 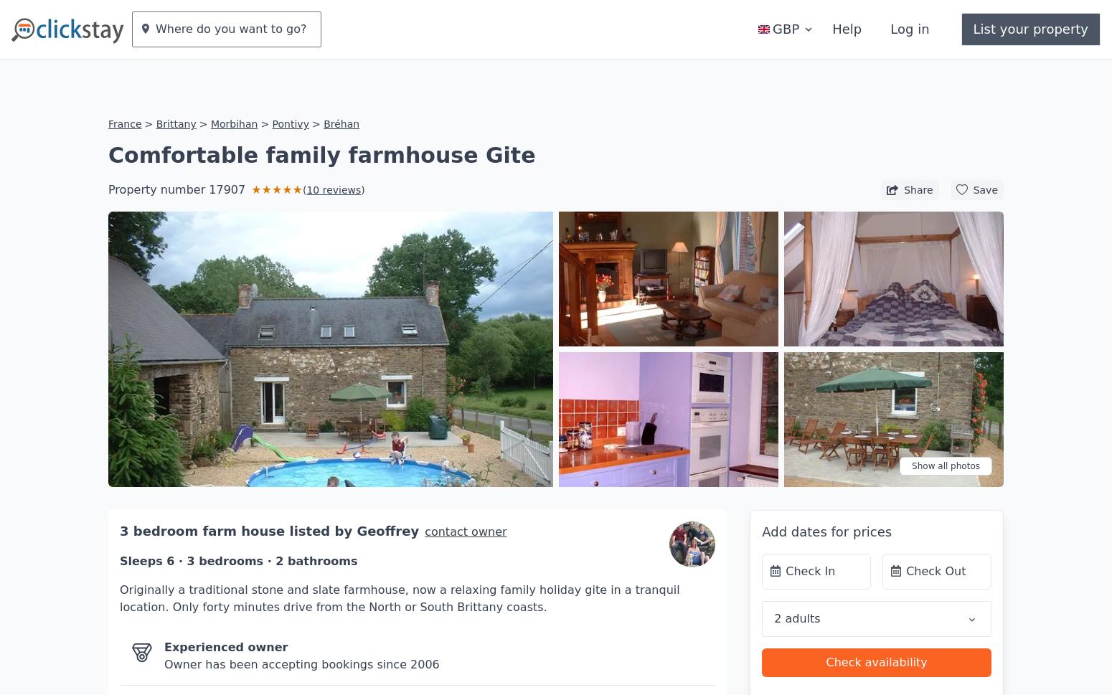 I want to click on 'listed by', so click(x=322, y=487).